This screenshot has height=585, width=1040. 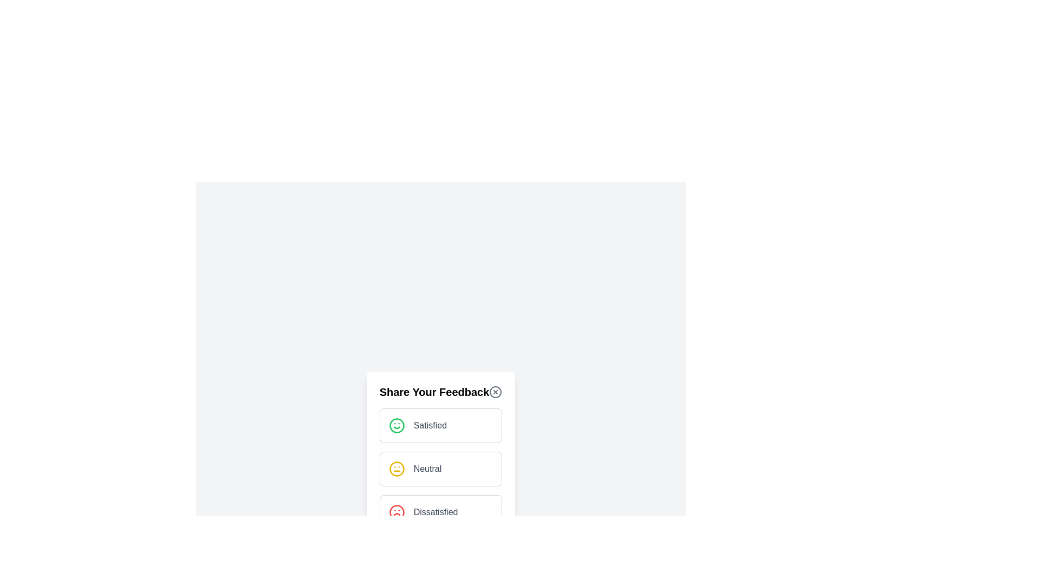 I want to click on the feedback option Neutral to select it, so click(x=441, y=469).